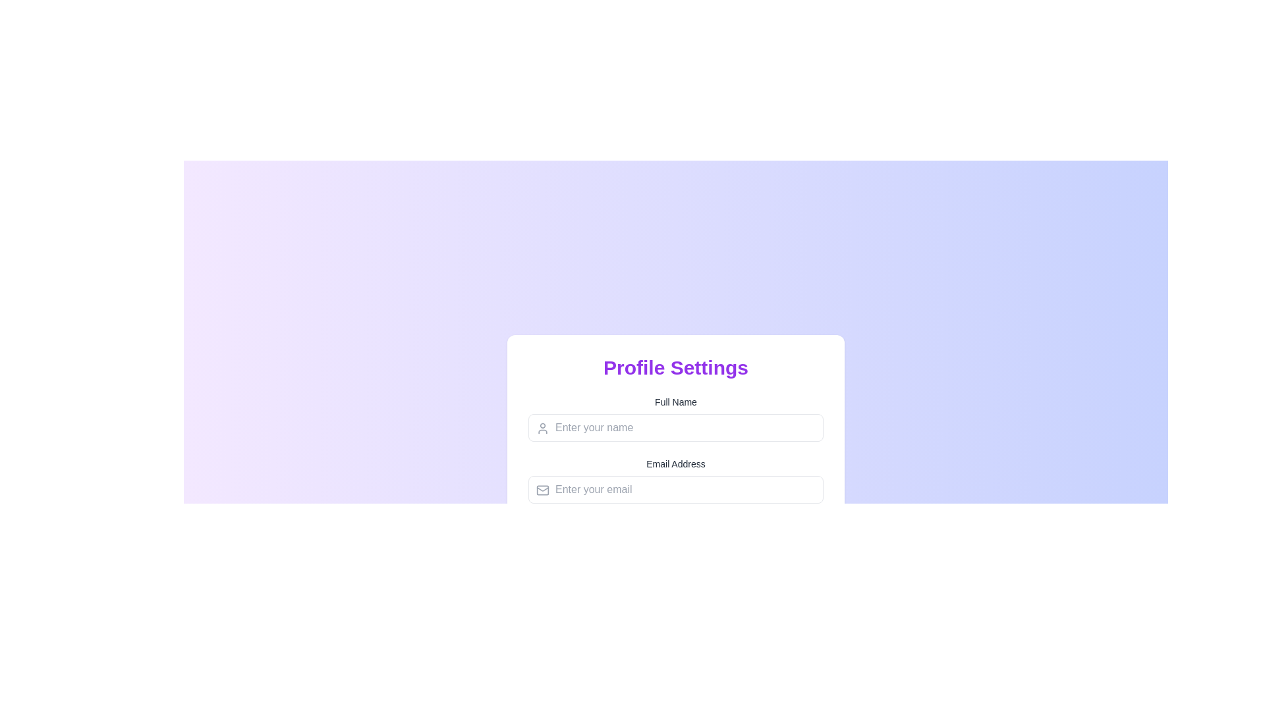  What do you see at coordinates (676, 463) in the screenshot?
I see `the 'Email Address' label text element which provides an identifier for the email input field in the 'Profile Settings' panel` at bounding box center [676, 463].